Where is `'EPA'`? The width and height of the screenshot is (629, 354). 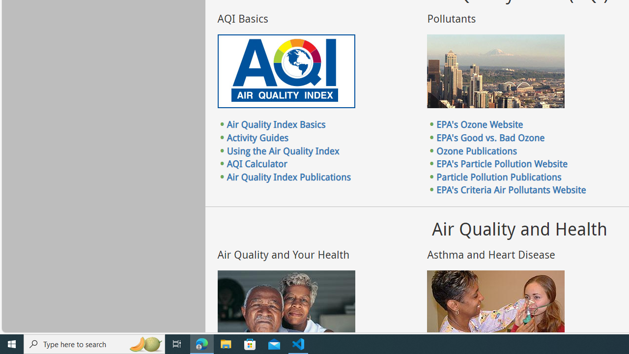 'EPA' is located at coordinates (480, 124).